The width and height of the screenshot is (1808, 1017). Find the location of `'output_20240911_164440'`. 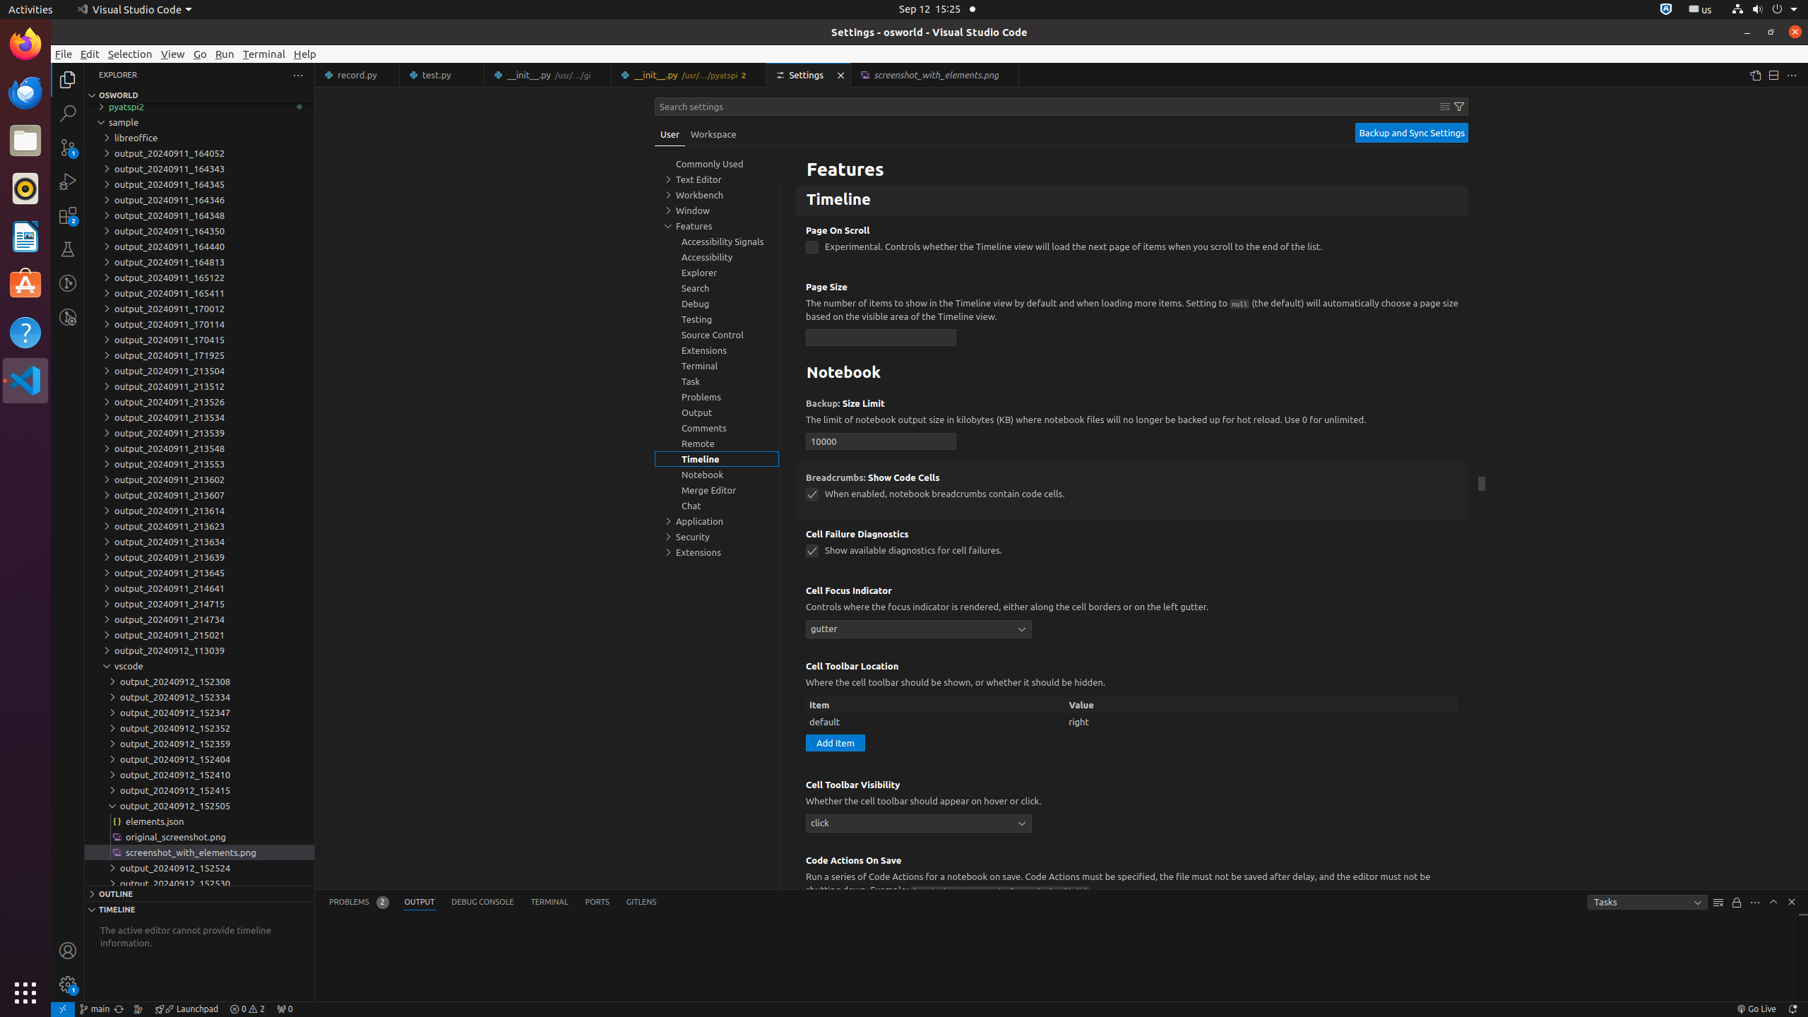

'output_20240911_164440' is located at coordinates (198, 246).